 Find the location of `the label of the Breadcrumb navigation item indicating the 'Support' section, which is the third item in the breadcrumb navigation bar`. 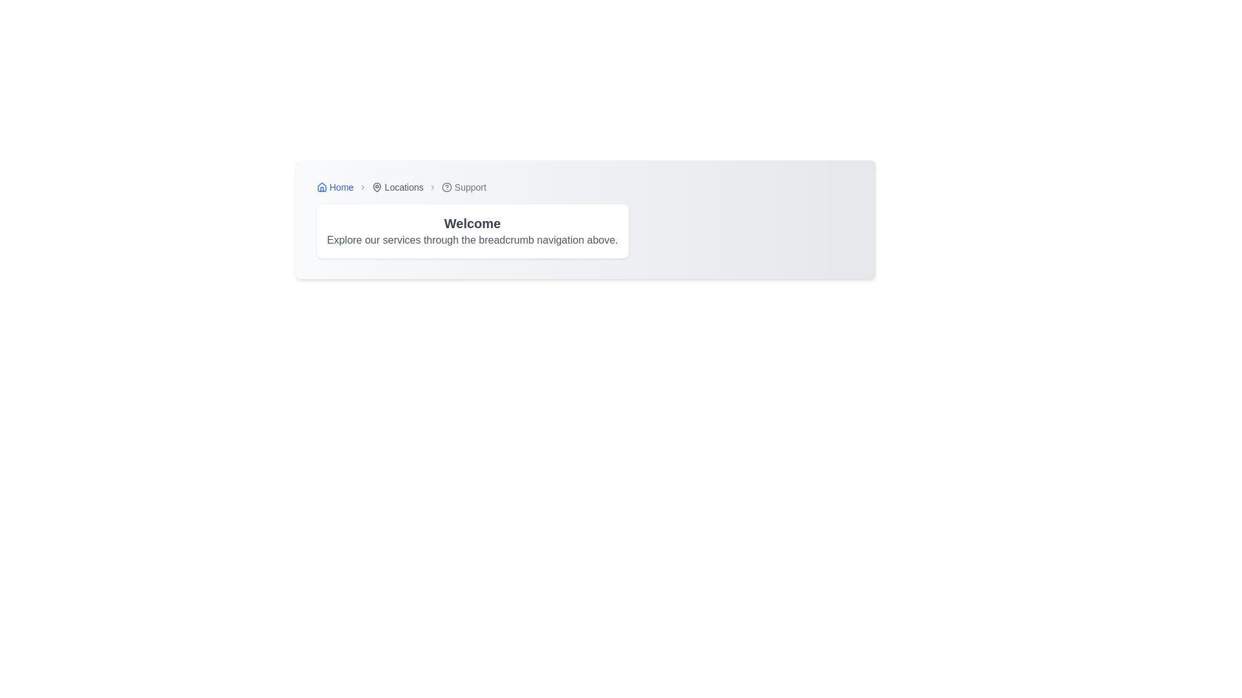

the label of the Breadcrumb navigation item indicating the 'Support' section, which is the third item in the breadcrumb navigation bar is located at coordinates (464, 187).